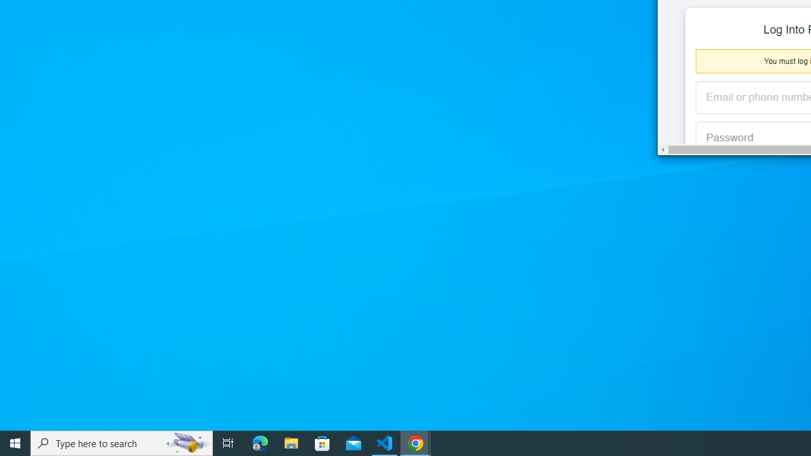 The width and height of the screenshot is (811, 456). What do you see at coordinates (260, 442) in the screenshot?
I see `'Microsoft Edge'` at bounding box center [260, 442].